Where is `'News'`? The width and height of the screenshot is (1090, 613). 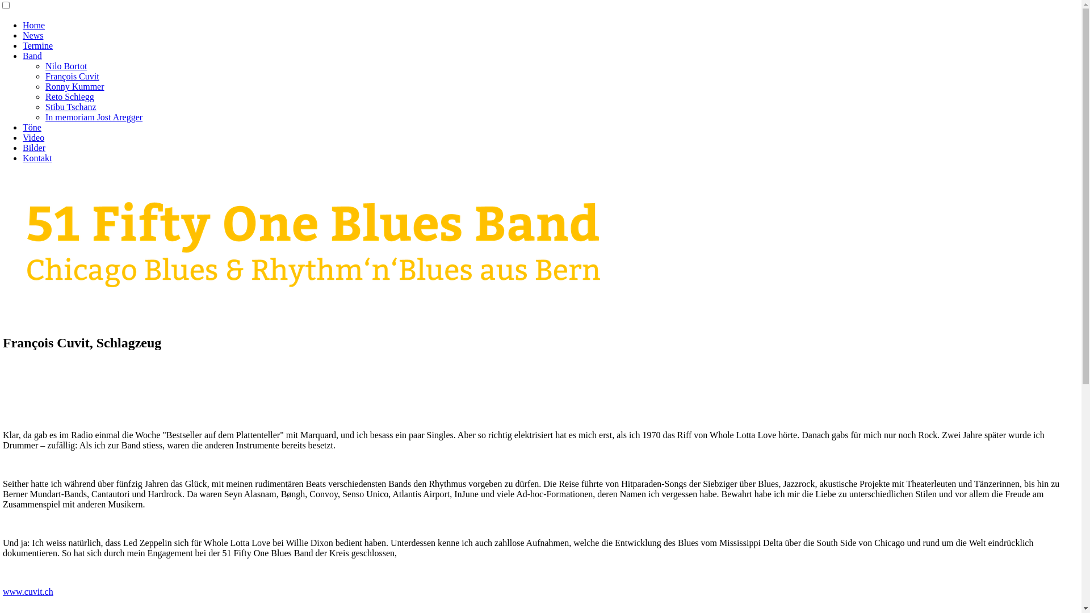
'News' is located at coordinates (22, 35).